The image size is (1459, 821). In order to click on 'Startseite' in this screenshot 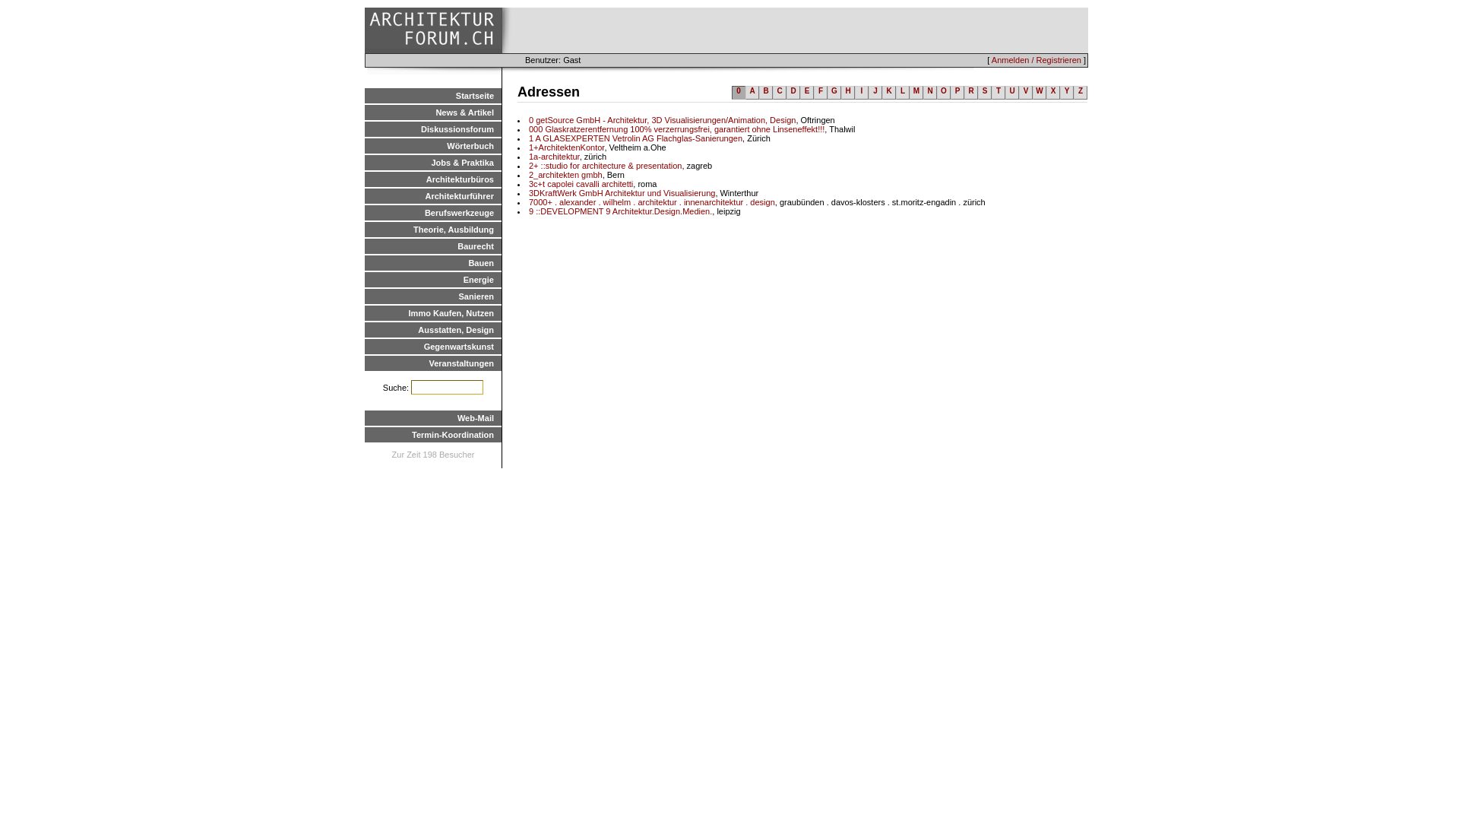, I will do `click(432, 96)`.